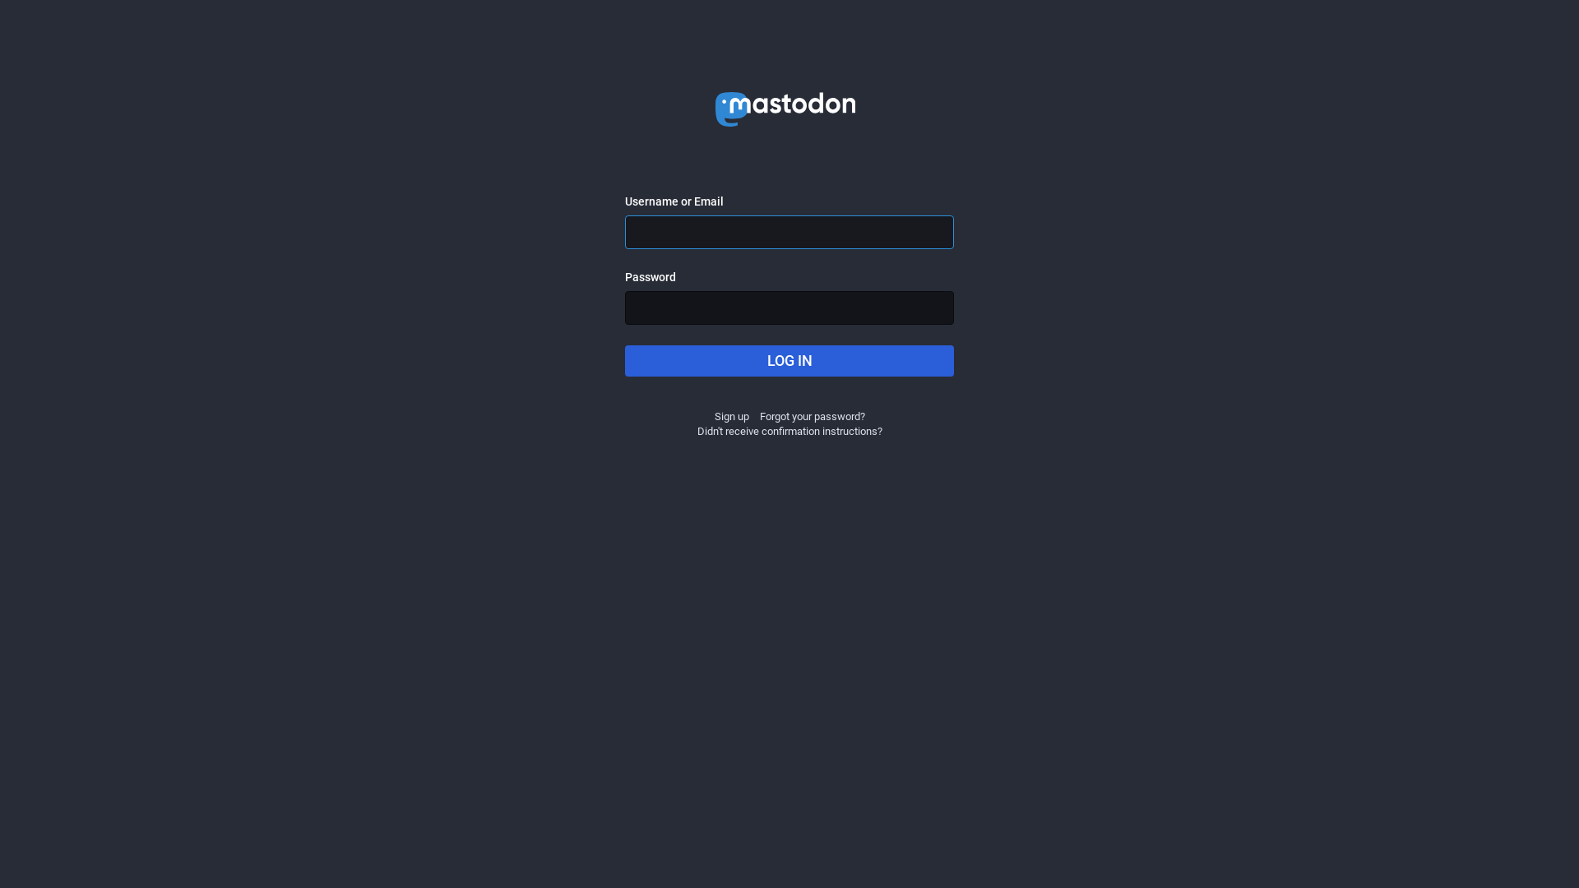 Image resolution: width=1579 pixels, height=888 pixels. What do you see at coordinates (623, 360) in the screenshot?
I see `'LOG IN'` at bounding box center [623, 360].